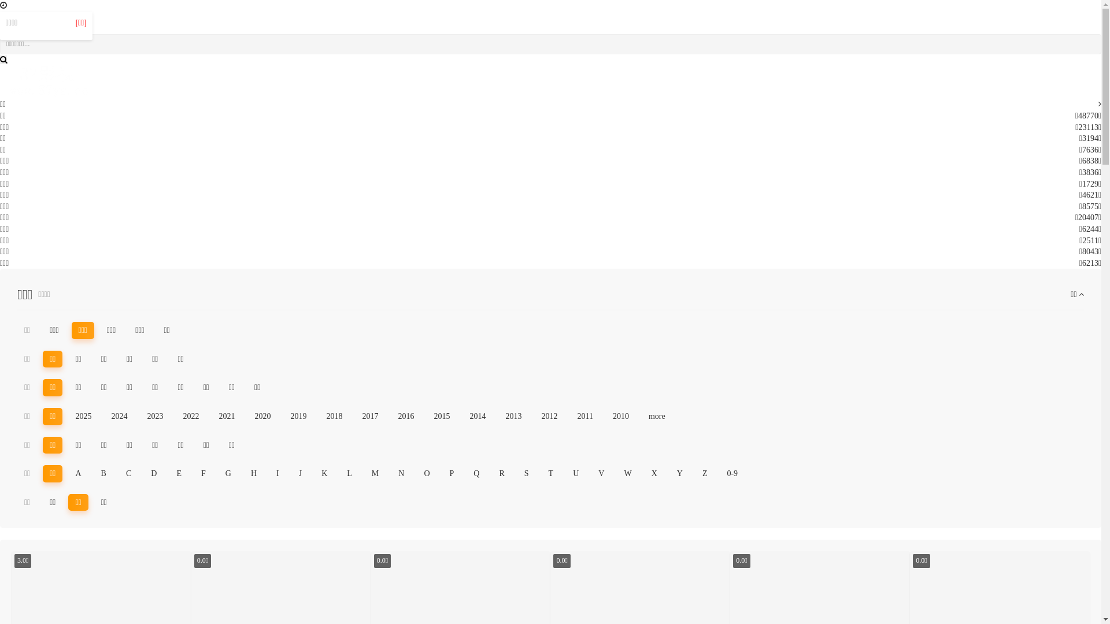  Describe the element at coordinates (128, 474) in the screenshot. I see `'C'` at that location.